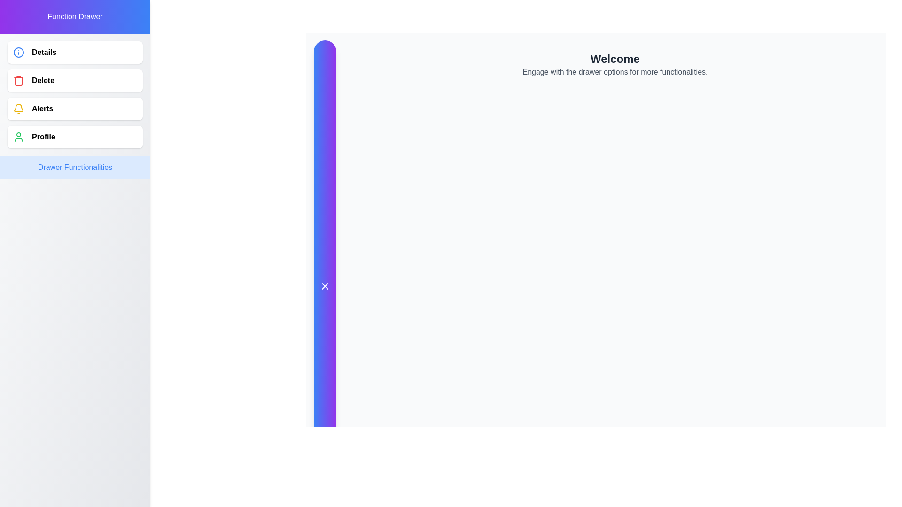 Image resolution: width=902 pixels, height=507 pixels. I want to click on the 'Details' menu option icon, which is the left-most icon in the top menu, to visually differentiate it from other options, so click(18, 52).